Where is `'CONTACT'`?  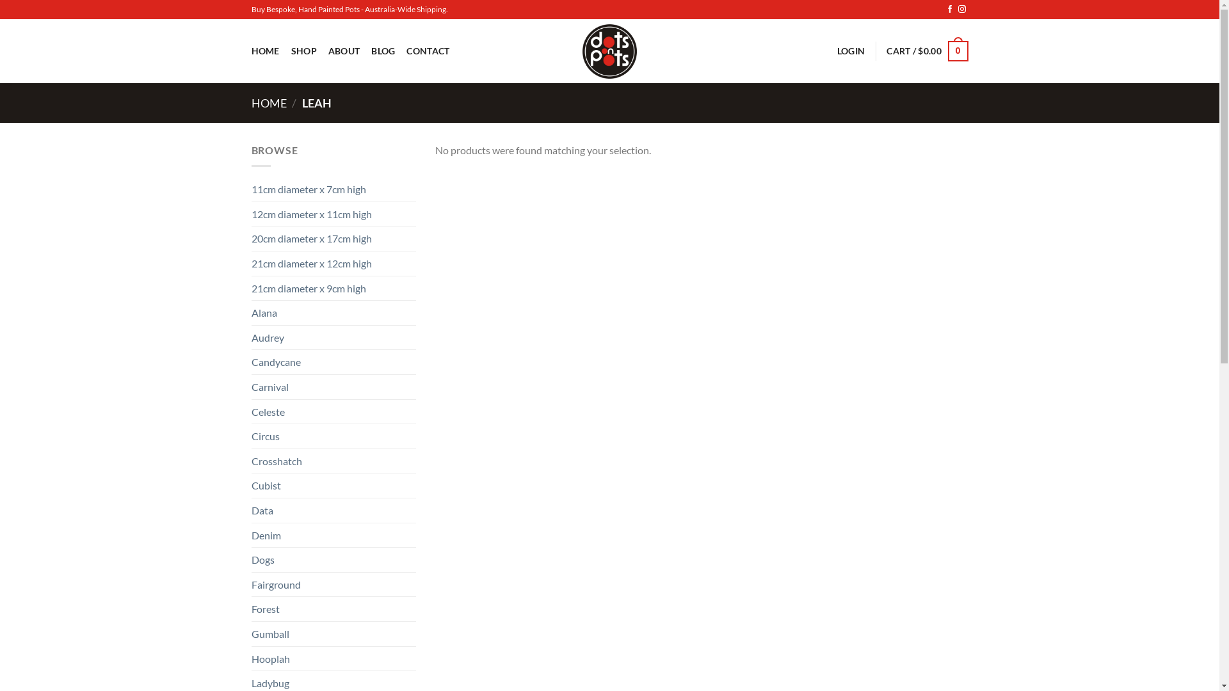 'CONTACT' is located at coordinates (428, 50).